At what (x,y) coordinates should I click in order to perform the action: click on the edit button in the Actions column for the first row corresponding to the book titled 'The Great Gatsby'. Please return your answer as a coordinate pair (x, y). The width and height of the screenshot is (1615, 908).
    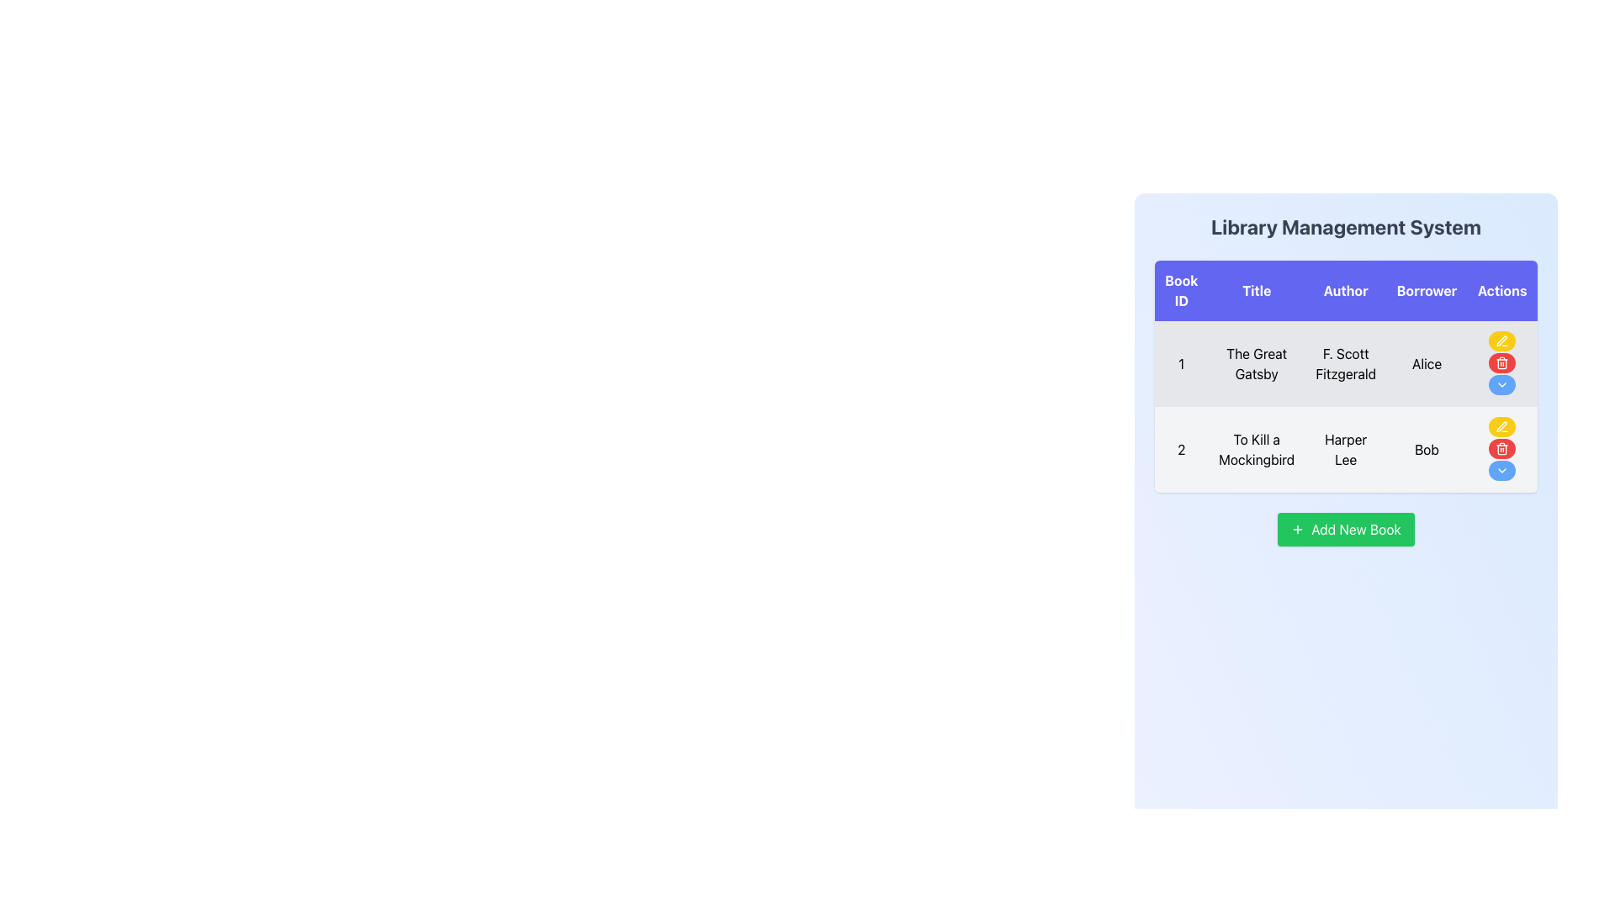
    Looking at the image, I should click on (1502, 340).